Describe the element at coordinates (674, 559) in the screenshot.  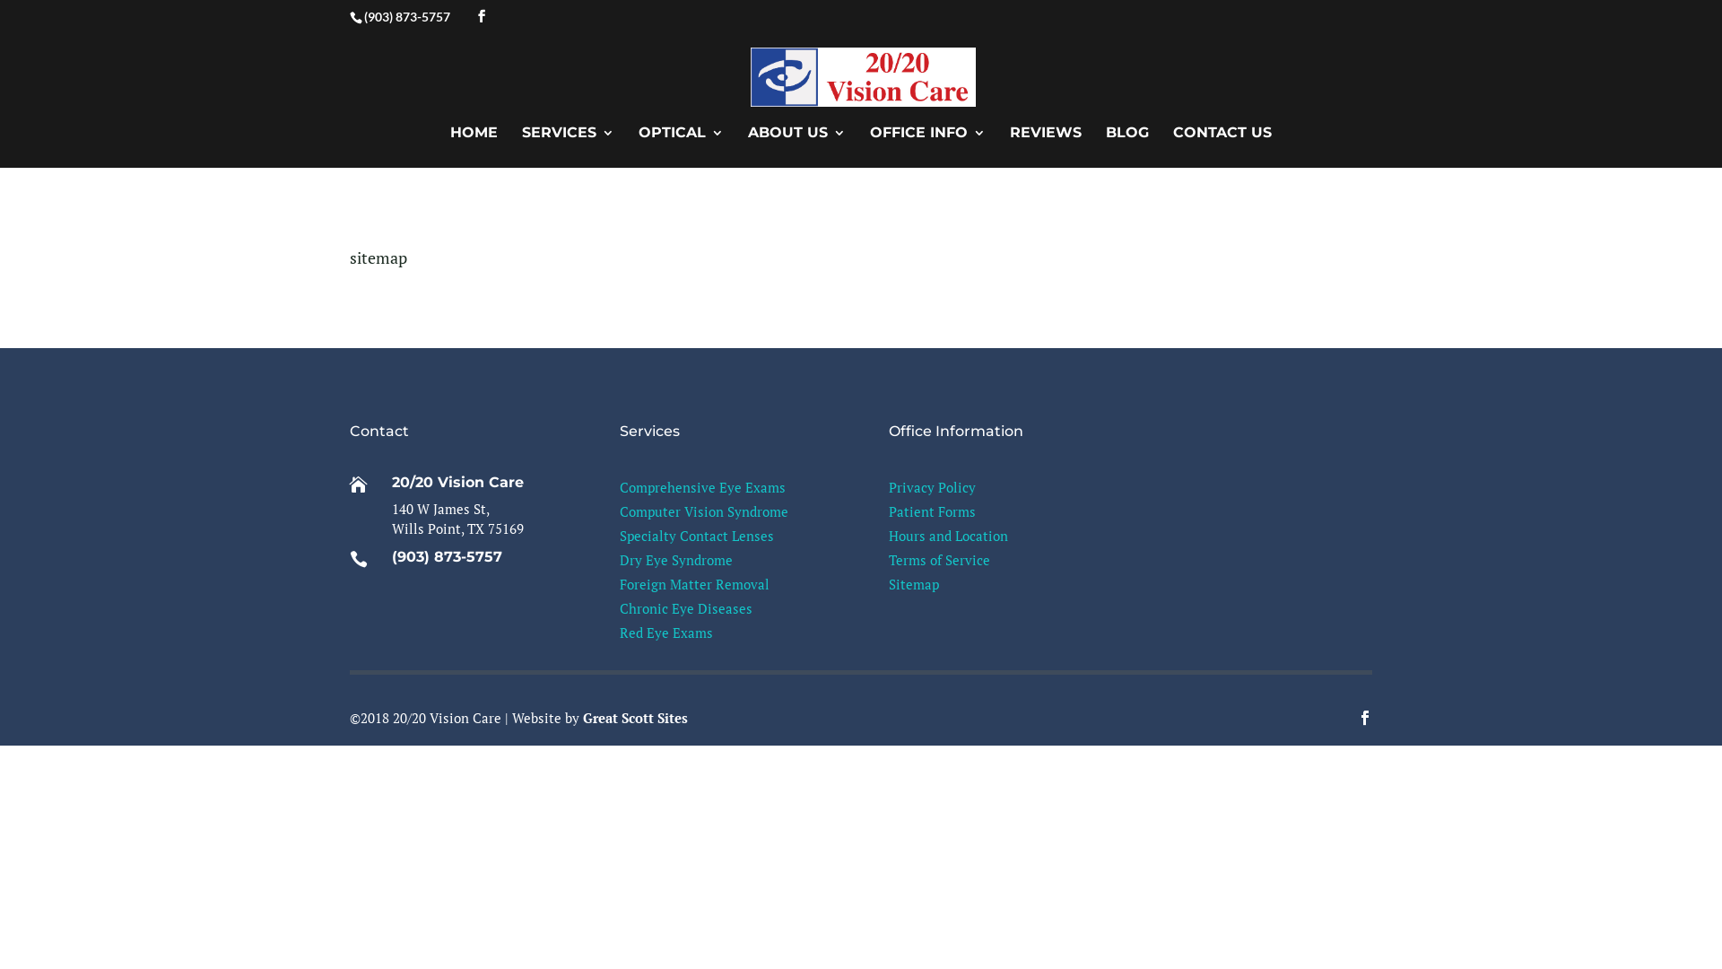
I see `'Dry Eye Syndrome'` at that location.